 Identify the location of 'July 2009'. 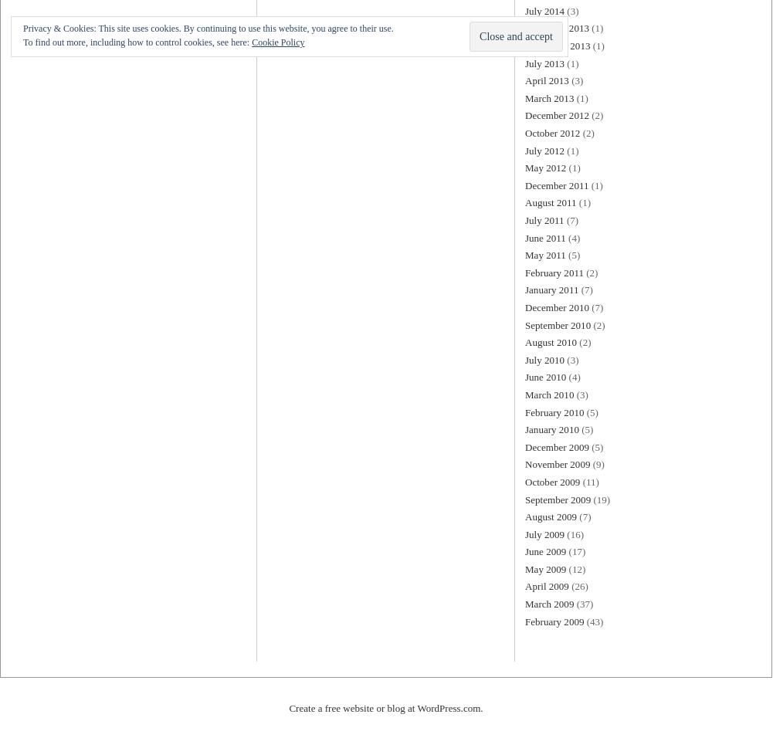
(544, 533).